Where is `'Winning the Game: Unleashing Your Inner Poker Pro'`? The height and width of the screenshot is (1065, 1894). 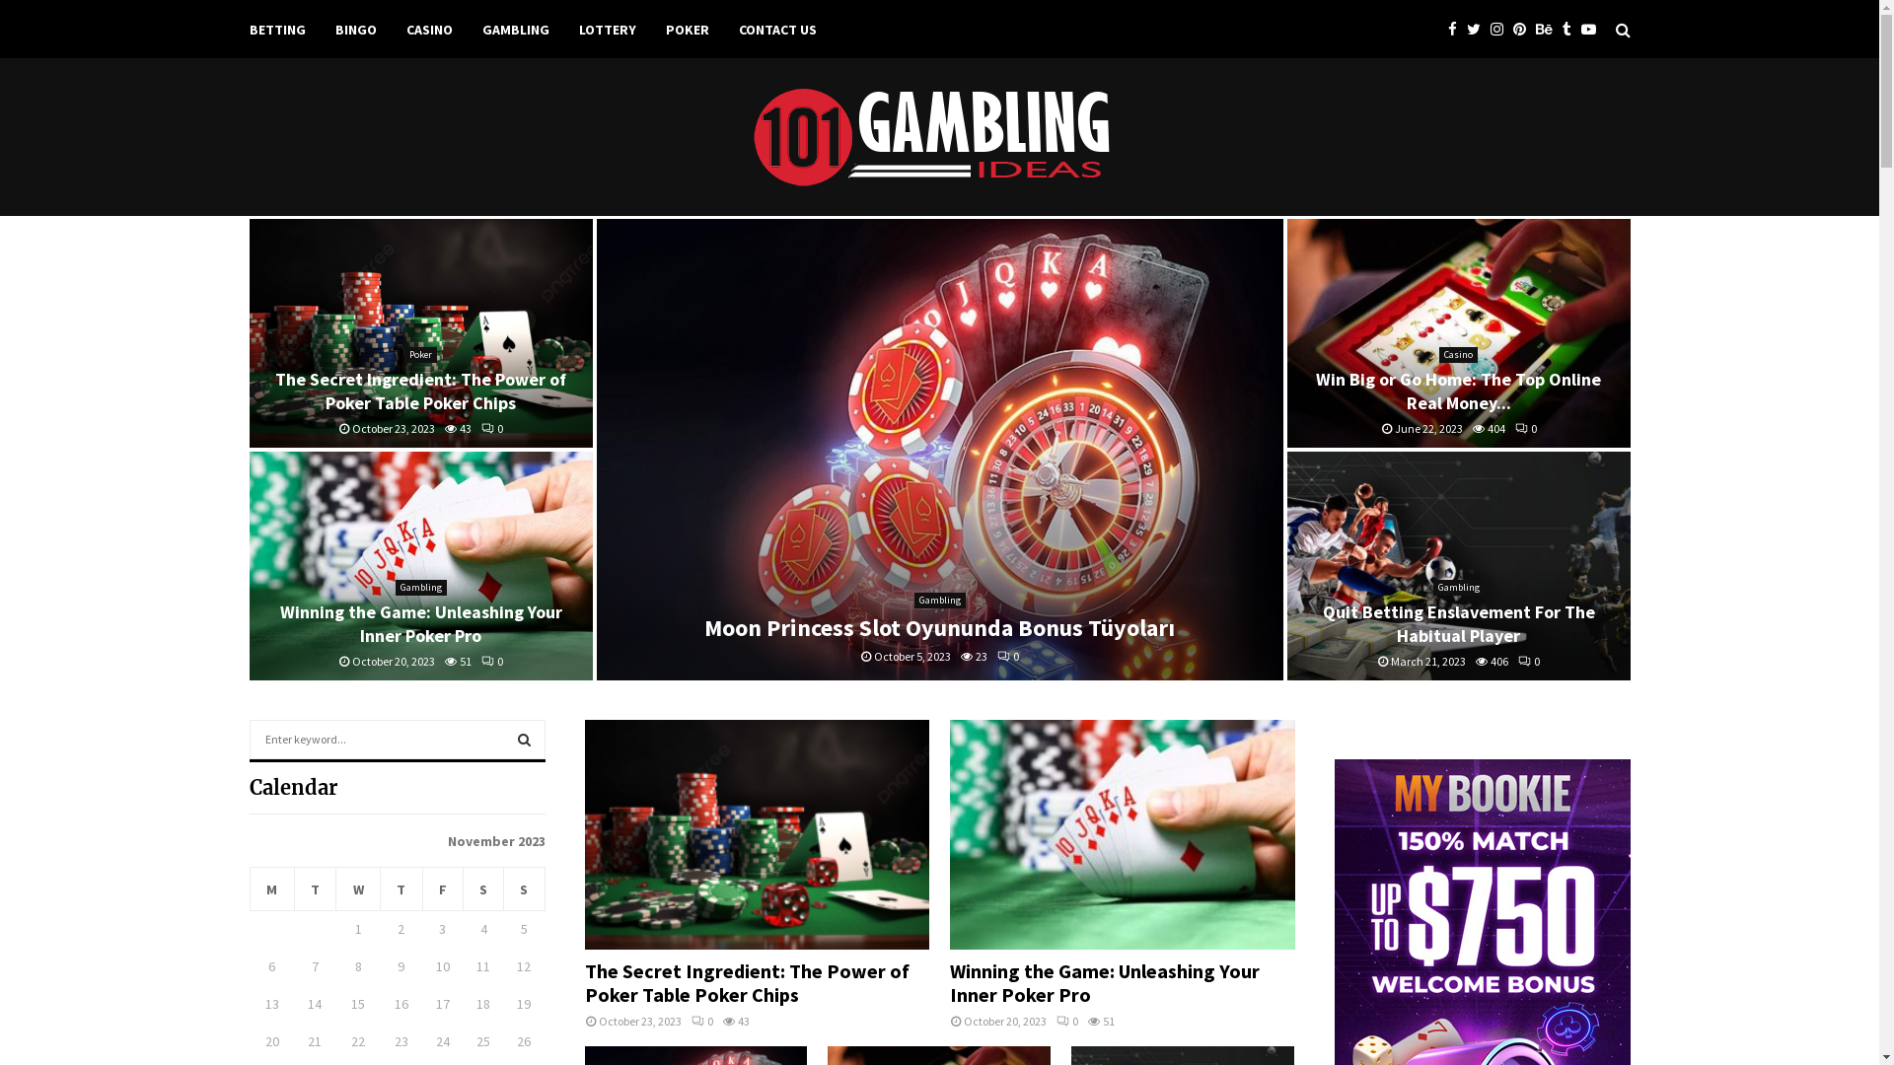 'Winning the Game: Unleashing Your Inner Poker Pro' is located at coordinates (420, 623).